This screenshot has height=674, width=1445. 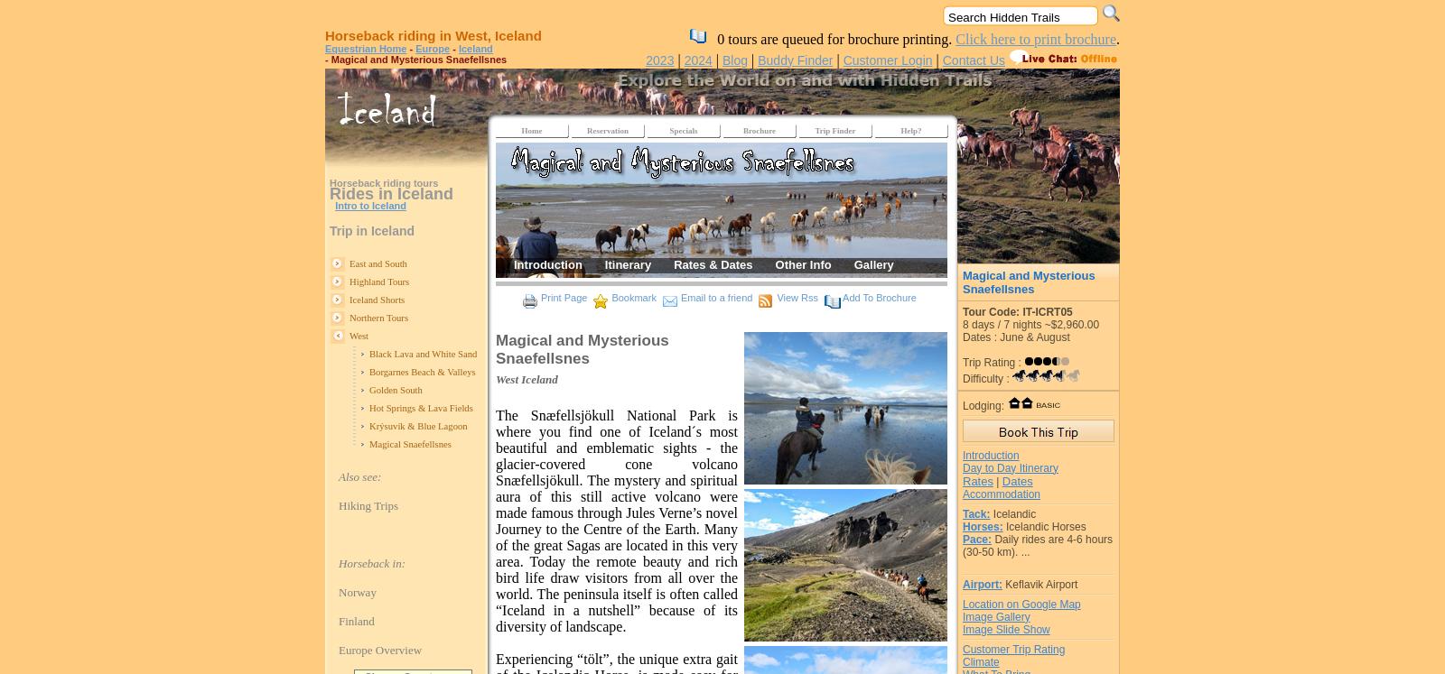 What do you see at coordinates (963, 336) in the screenshot?
I see `'Dates :
        June & August'` at bounding box center [963, 336].